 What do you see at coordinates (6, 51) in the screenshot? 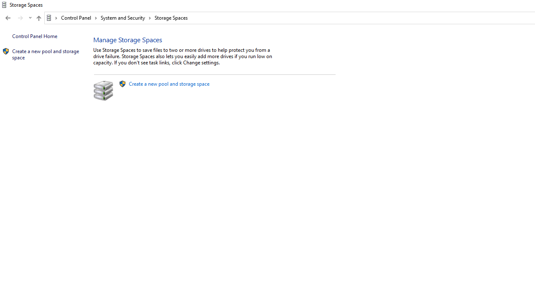
I see `'Icon'` at bounding box center [6, 51].